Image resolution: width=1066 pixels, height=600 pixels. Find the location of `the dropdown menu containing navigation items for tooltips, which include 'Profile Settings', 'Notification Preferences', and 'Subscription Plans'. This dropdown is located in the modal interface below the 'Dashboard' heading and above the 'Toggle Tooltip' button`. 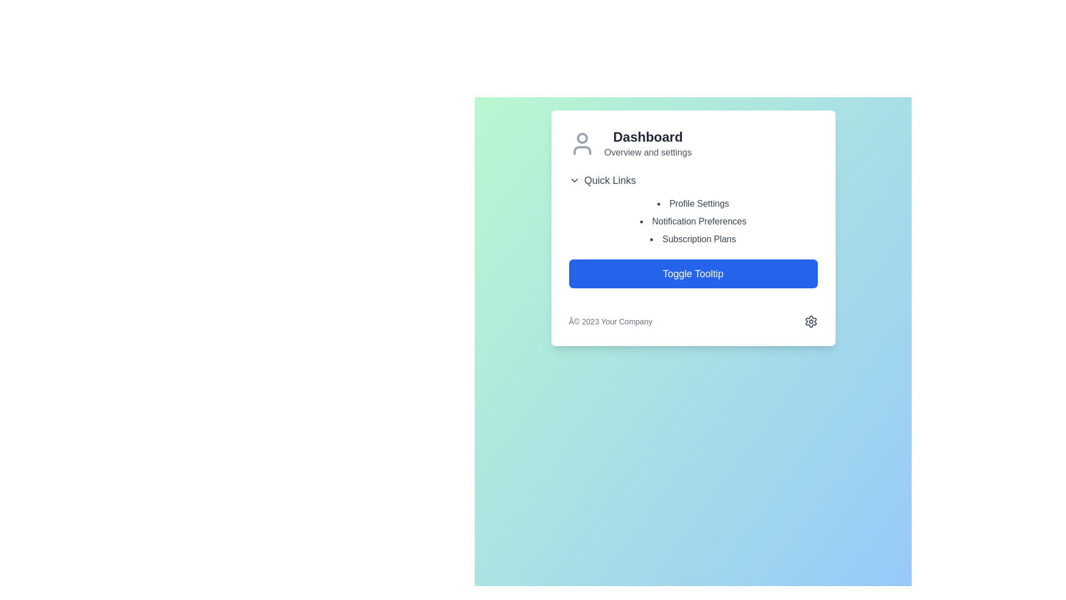

the dropdown menu containing navigation items for tooltips, which include 'Profile Settings', 'Notification Preferences', and 'Subscription Plans'. This dropdown is located in the modal interface below the 'Dashboard' heading and above the 'Toggle Tooltip' button is located at coordinates (692, 209).